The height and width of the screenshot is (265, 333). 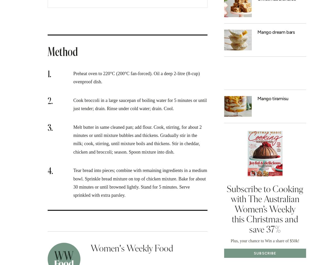 I want to click on '1.', so click(x=49, y=74).